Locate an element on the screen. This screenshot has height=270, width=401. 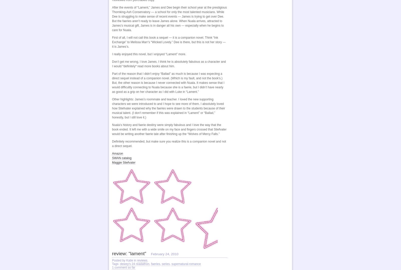
'Definitely recommended, but make sure you realize this is a companion novel and not a direct sequel.' is located at coordinates (112, 143).